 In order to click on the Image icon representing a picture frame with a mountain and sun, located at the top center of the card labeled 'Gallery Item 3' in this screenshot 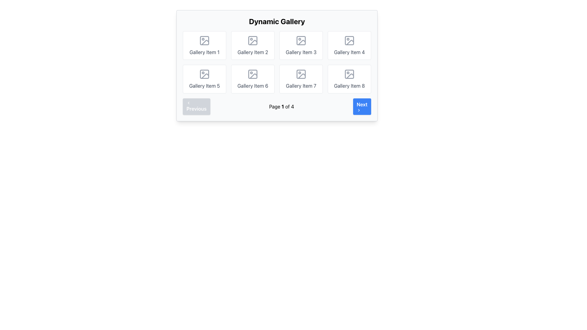, I will do `click(301, 40)`.